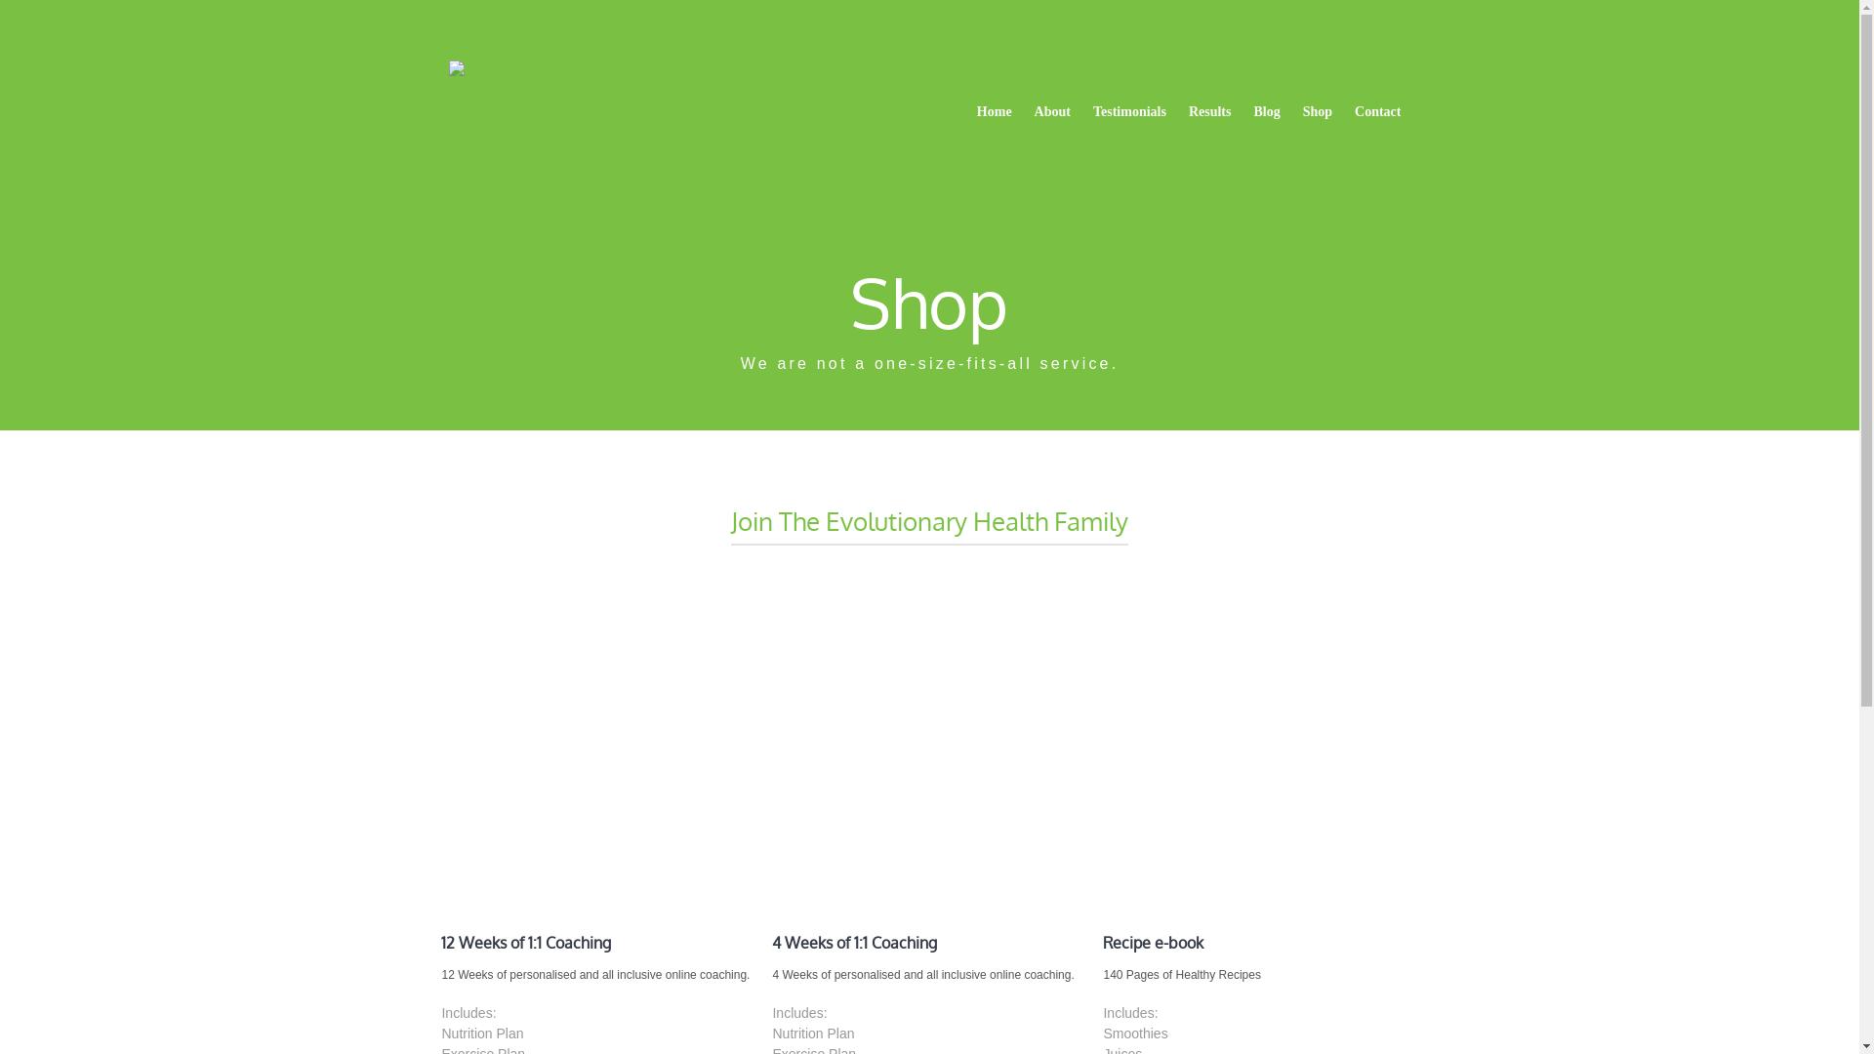 Image resolution: width=1874 pixels, height=1054 pixels. I want to click on 'Blog', so click(1266, 112).